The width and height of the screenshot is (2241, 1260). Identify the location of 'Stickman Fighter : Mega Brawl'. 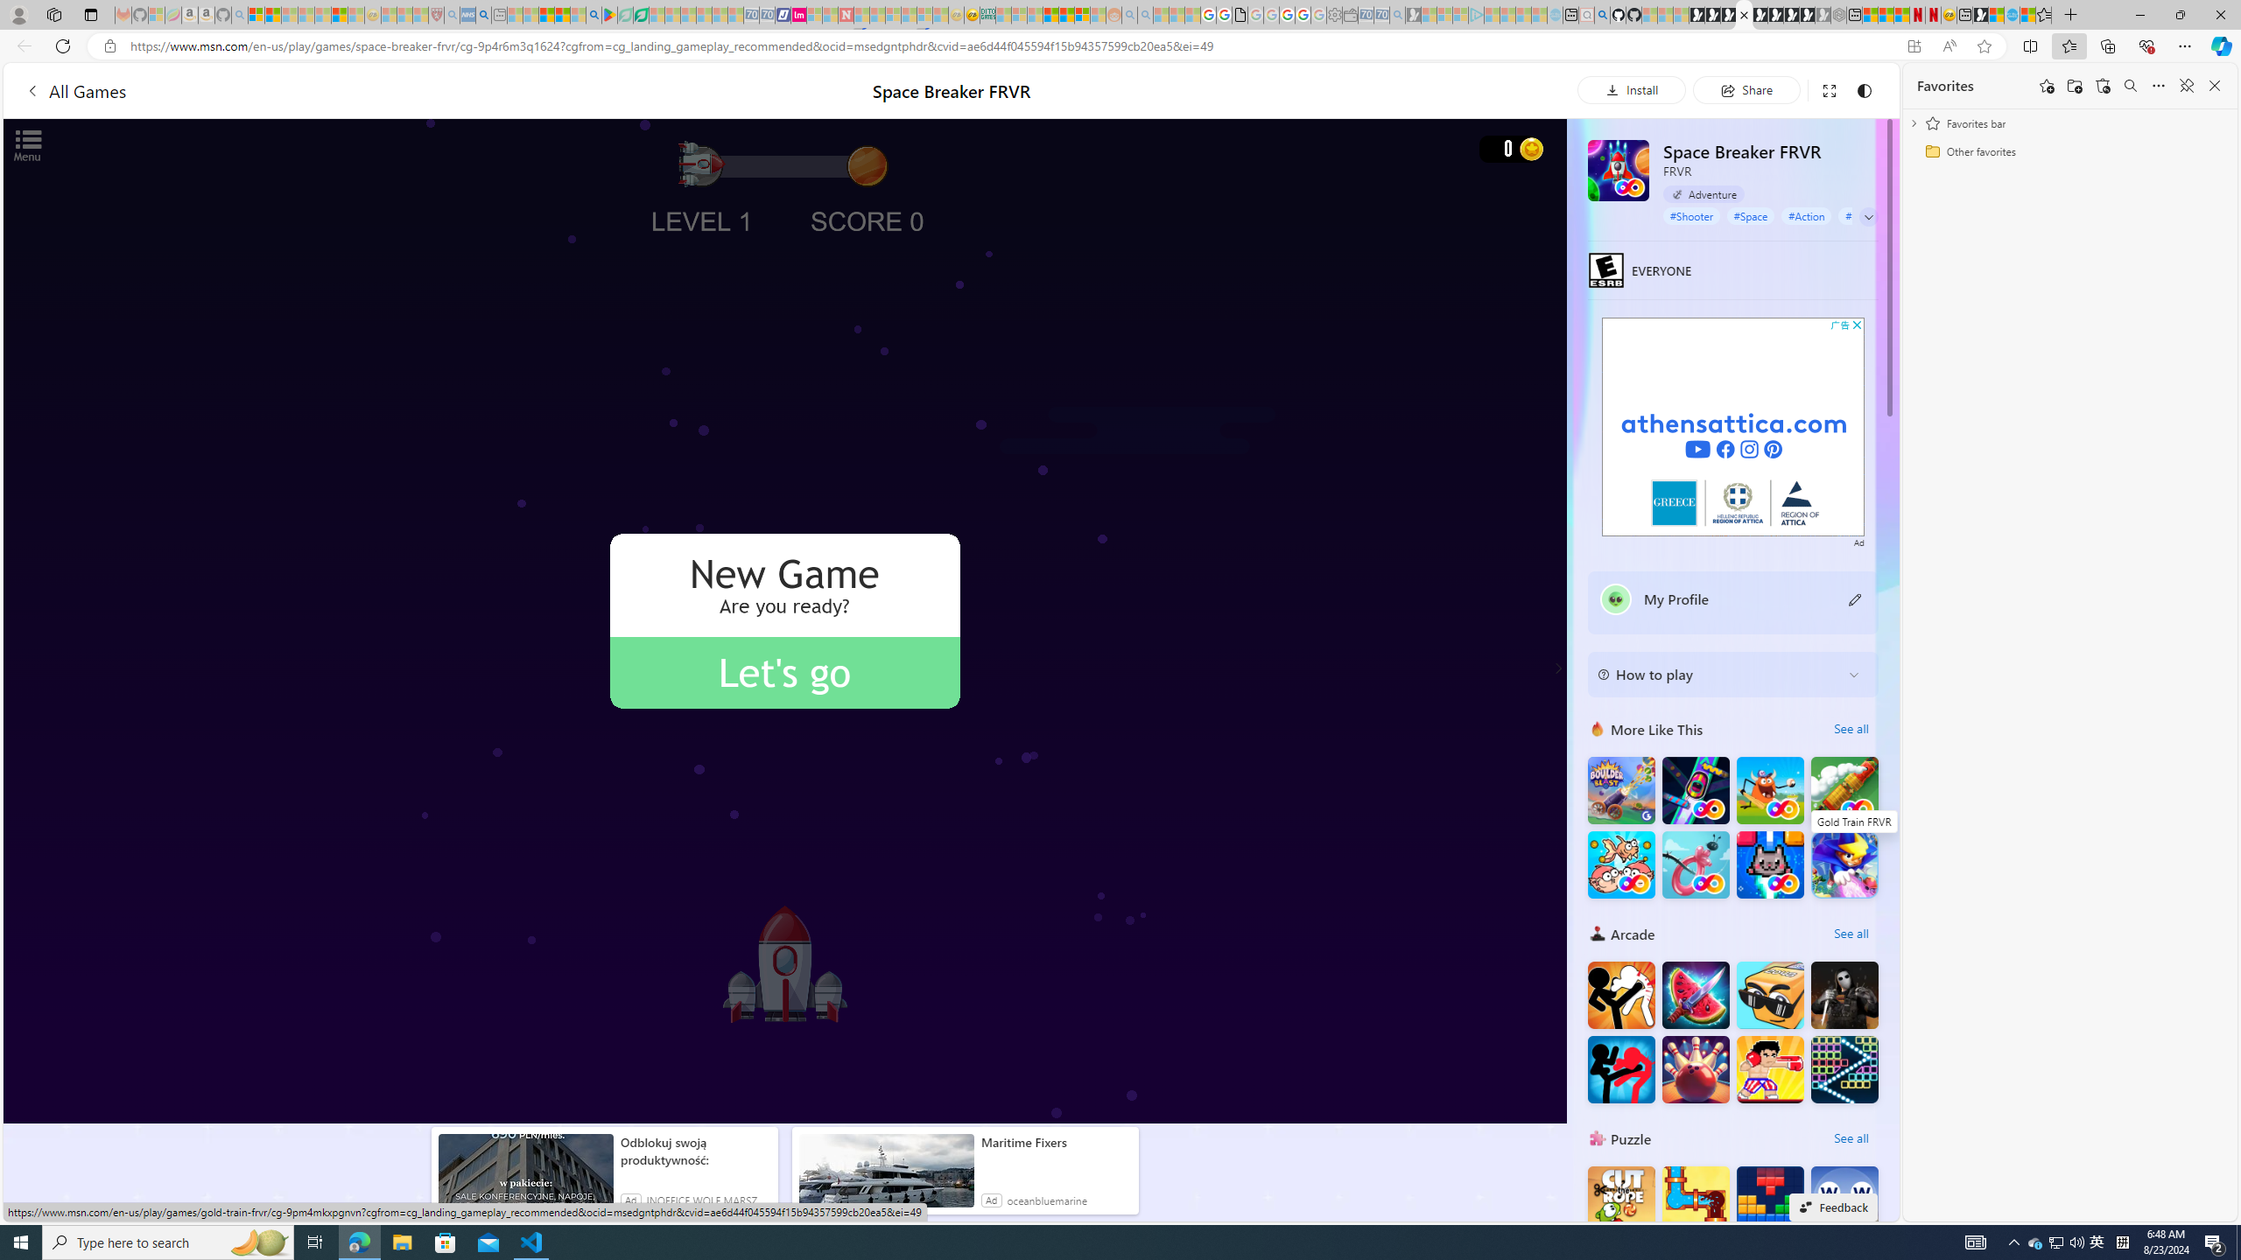
(1620, 993).